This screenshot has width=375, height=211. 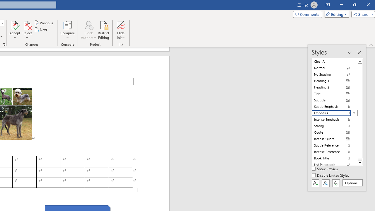 I want to click on 'Restrict Editing', so click(x=103, y=30).